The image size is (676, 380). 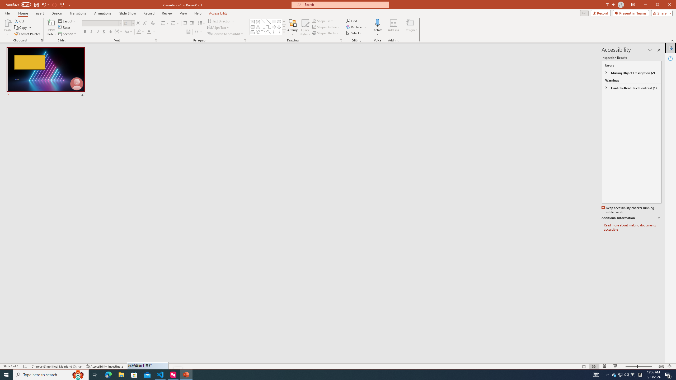 I want to click on 'Section', so click(x=67, y=34).